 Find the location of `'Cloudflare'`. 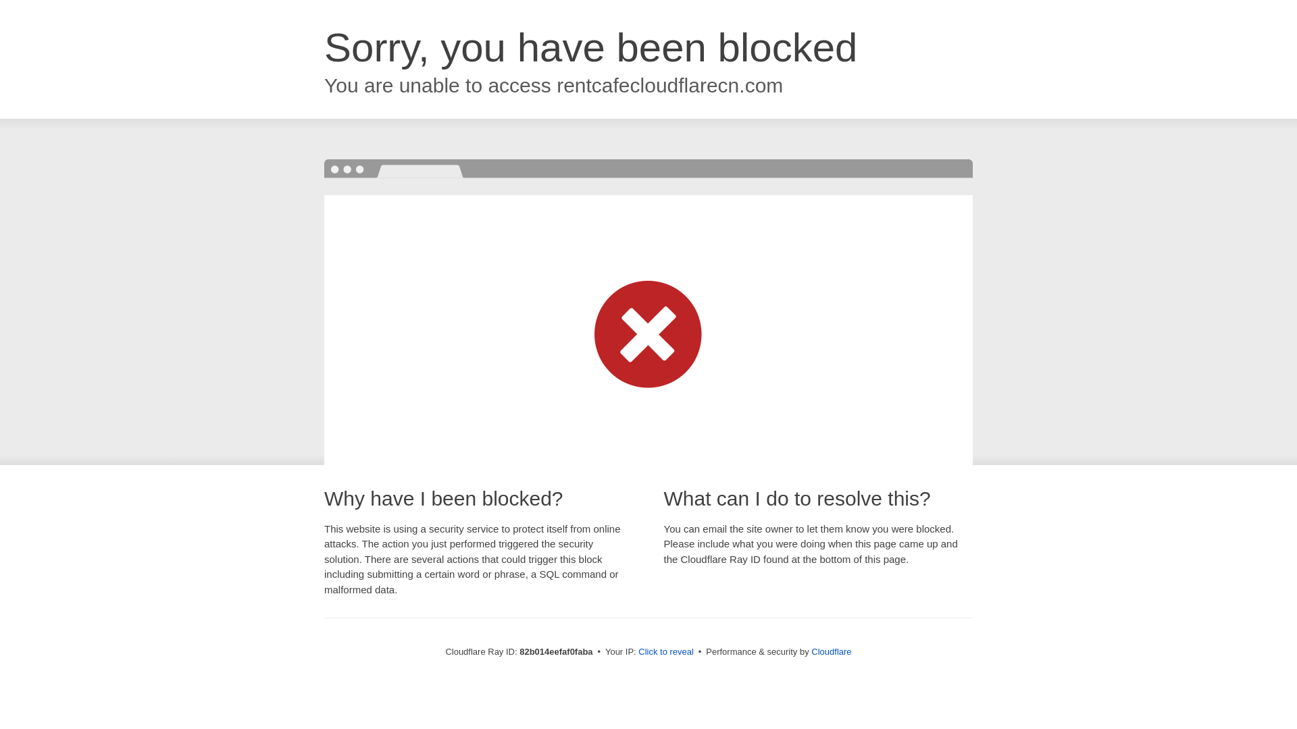

'Cloudflare' is located at coordinates (830, 651).